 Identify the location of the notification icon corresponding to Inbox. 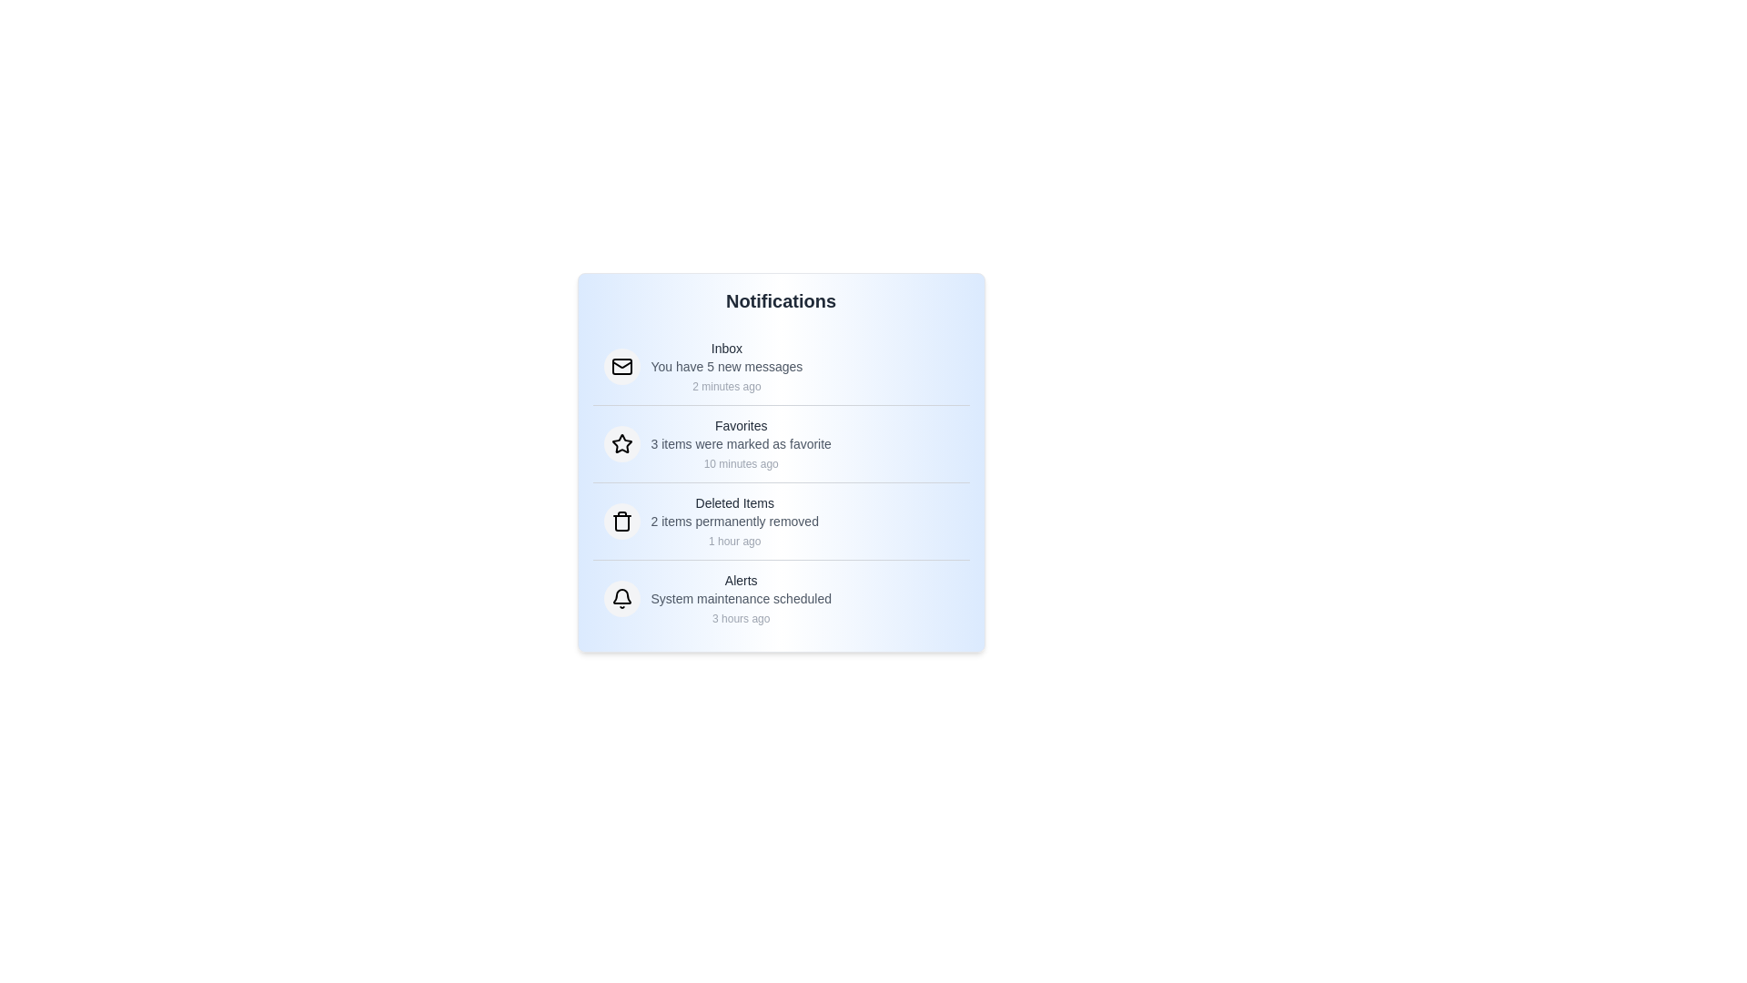
(621, 366).